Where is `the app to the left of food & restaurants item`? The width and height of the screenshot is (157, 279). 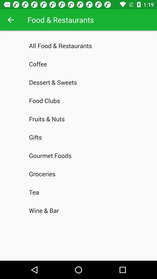 the app to the left of food & restaurants item is located at coordinates (10, 20).